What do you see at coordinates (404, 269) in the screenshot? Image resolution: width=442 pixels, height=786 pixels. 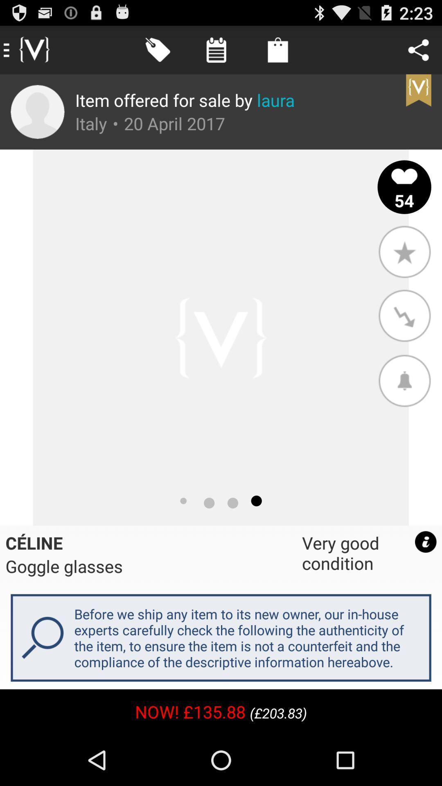 I see `the star icon` at bounding box center [404, 269].